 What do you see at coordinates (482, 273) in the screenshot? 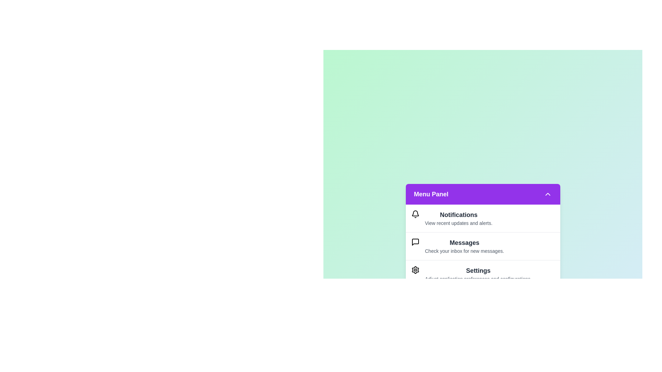
I see `the menu item Settings from the list` at bounding box center [482, 273].